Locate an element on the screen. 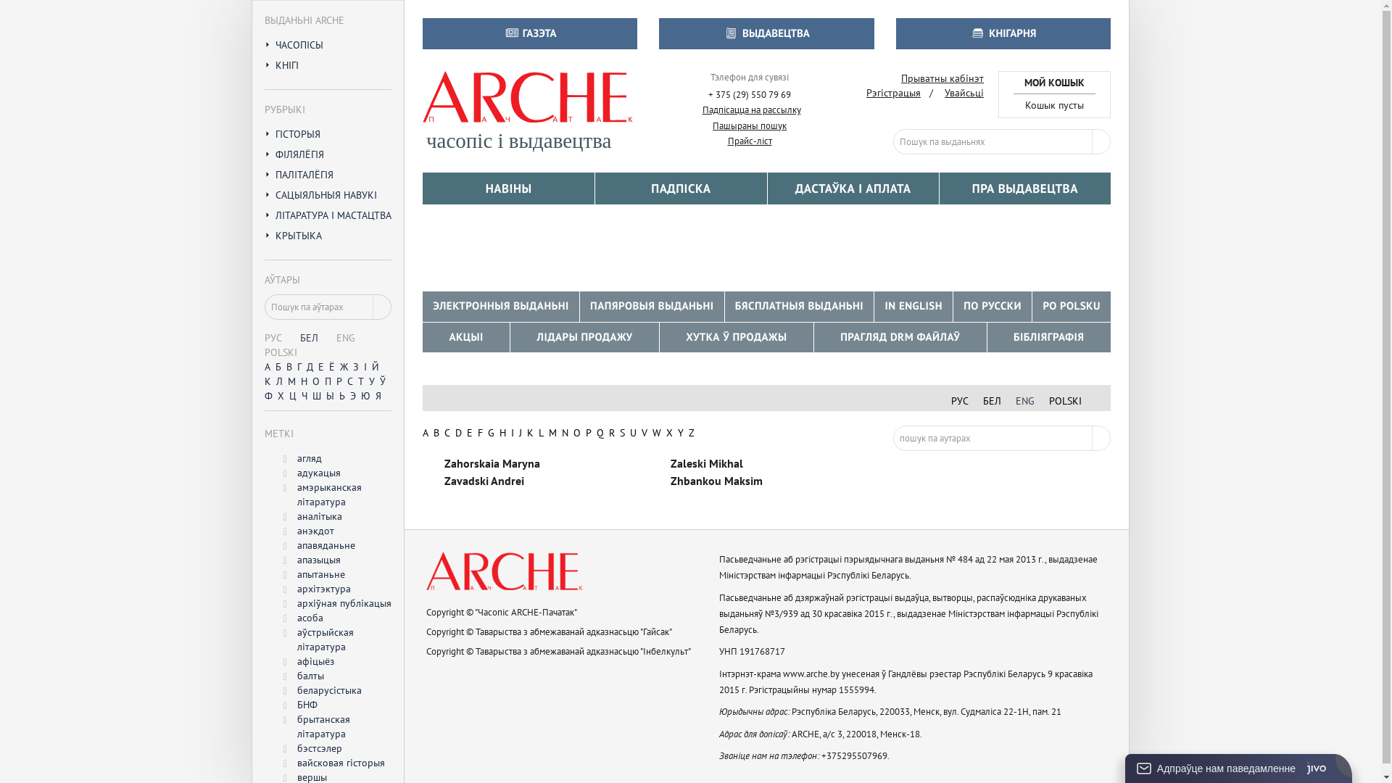 Image resolution: width=1392 pixels, height=783 pixels. 'Q' is located at coordinates (600, 432).